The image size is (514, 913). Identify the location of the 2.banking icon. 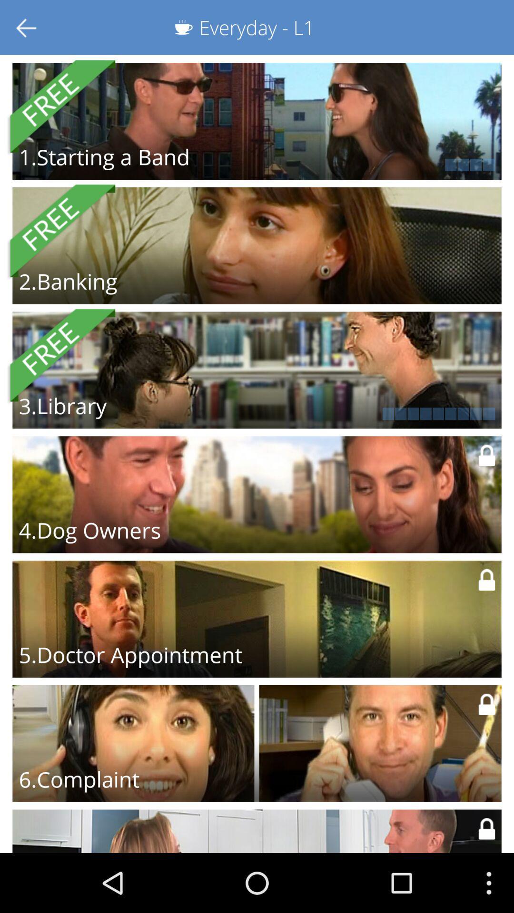
(68, 281).